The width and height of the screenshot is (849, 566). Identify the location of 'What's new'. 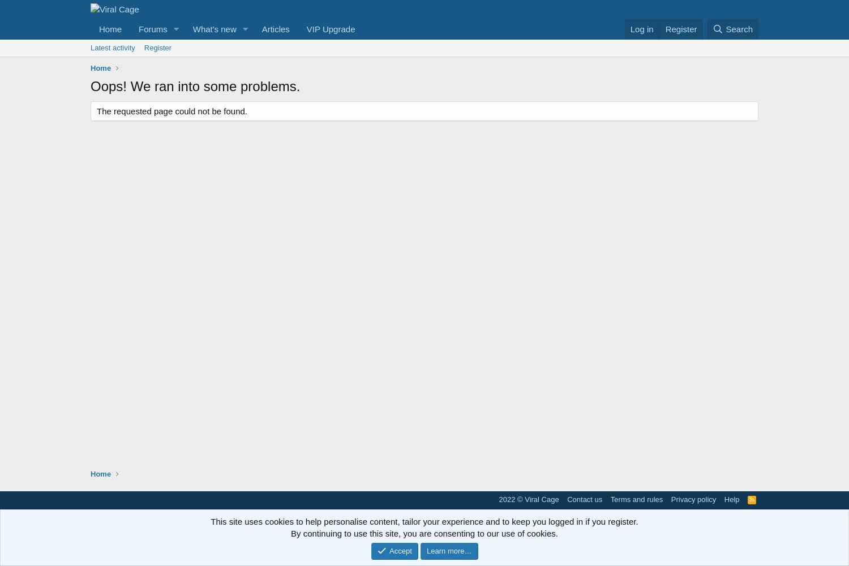
(214, 29).